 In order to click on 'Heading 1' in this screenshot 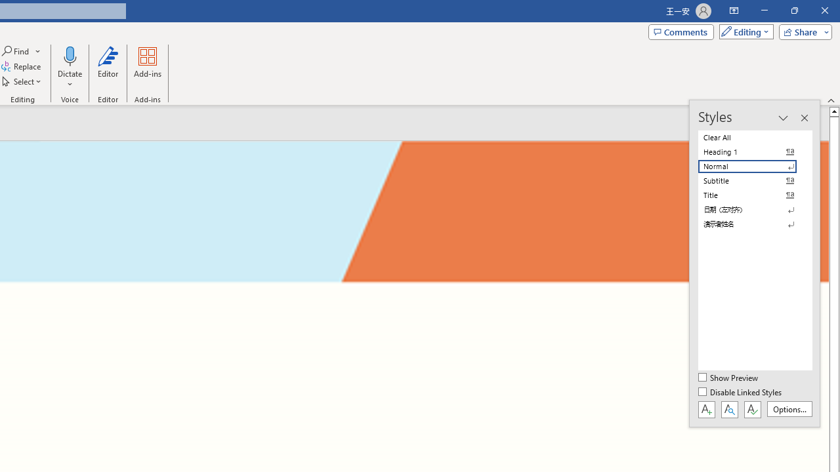, I will do `click(755, 151)`.